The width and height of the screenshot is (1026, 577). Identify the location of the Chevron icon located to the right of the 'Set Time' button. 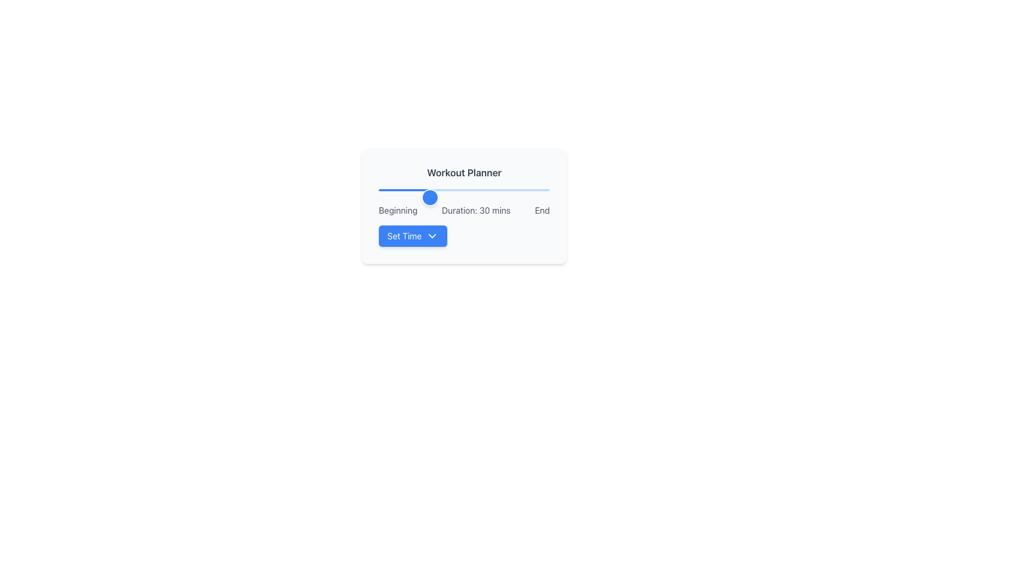
(432, 236).